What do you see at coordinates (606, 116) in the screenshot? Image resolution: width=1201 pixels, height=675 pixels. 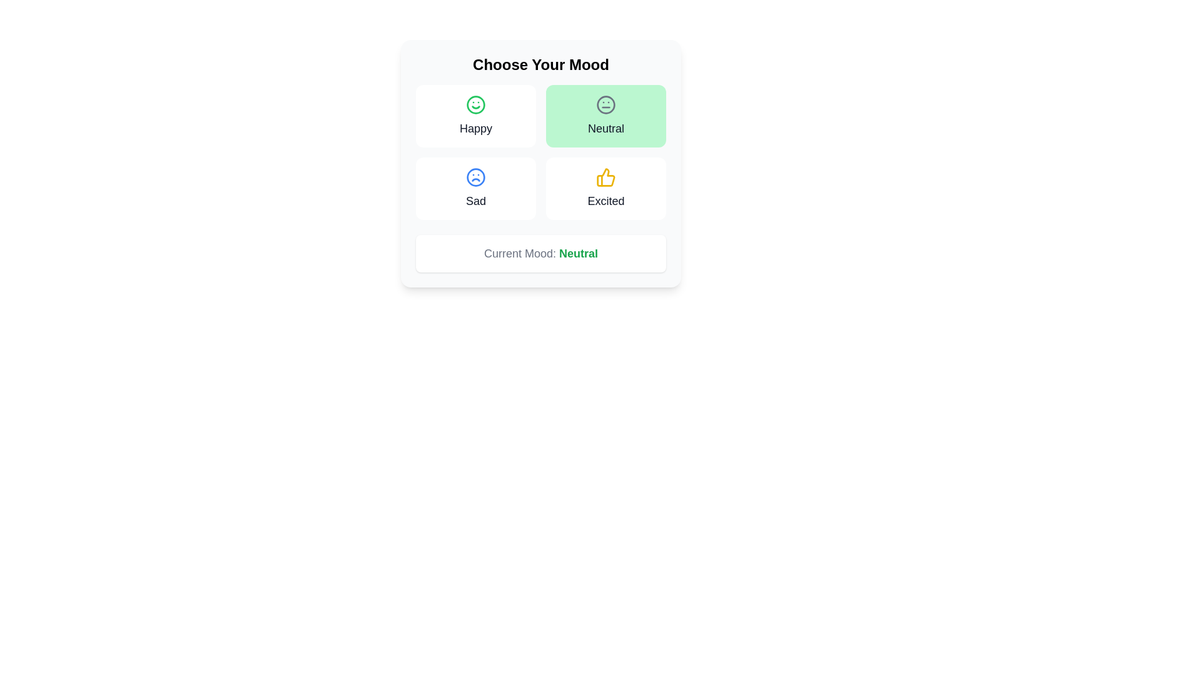 I see `the 'Neutral' button with a light green background and neutral-face icon` at bounding box center [606, 116].